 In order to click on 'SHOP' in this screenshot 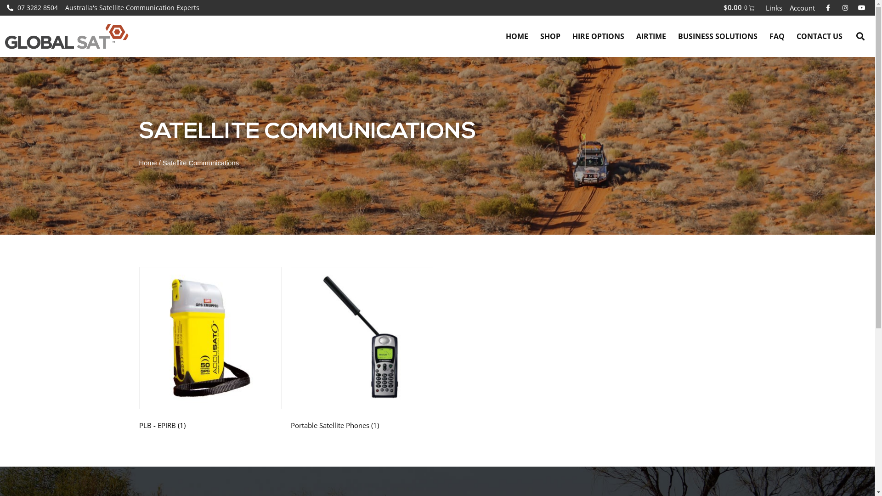, I will do `click(550, 35)`.